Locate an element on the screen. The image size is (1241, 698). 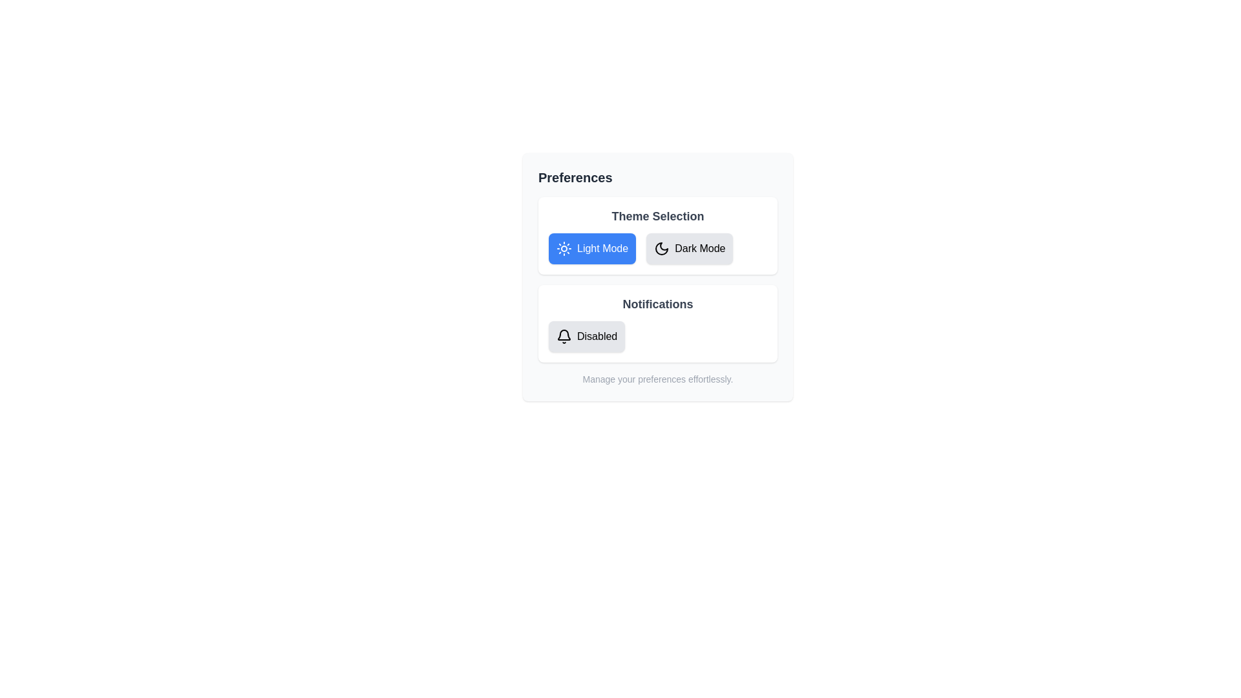
the Text label that provides instructions related to the preferences functionality, located at the center-bottom of the 'Preferences' section below the 'Notifications' panel is located at coordinates (657, 378).